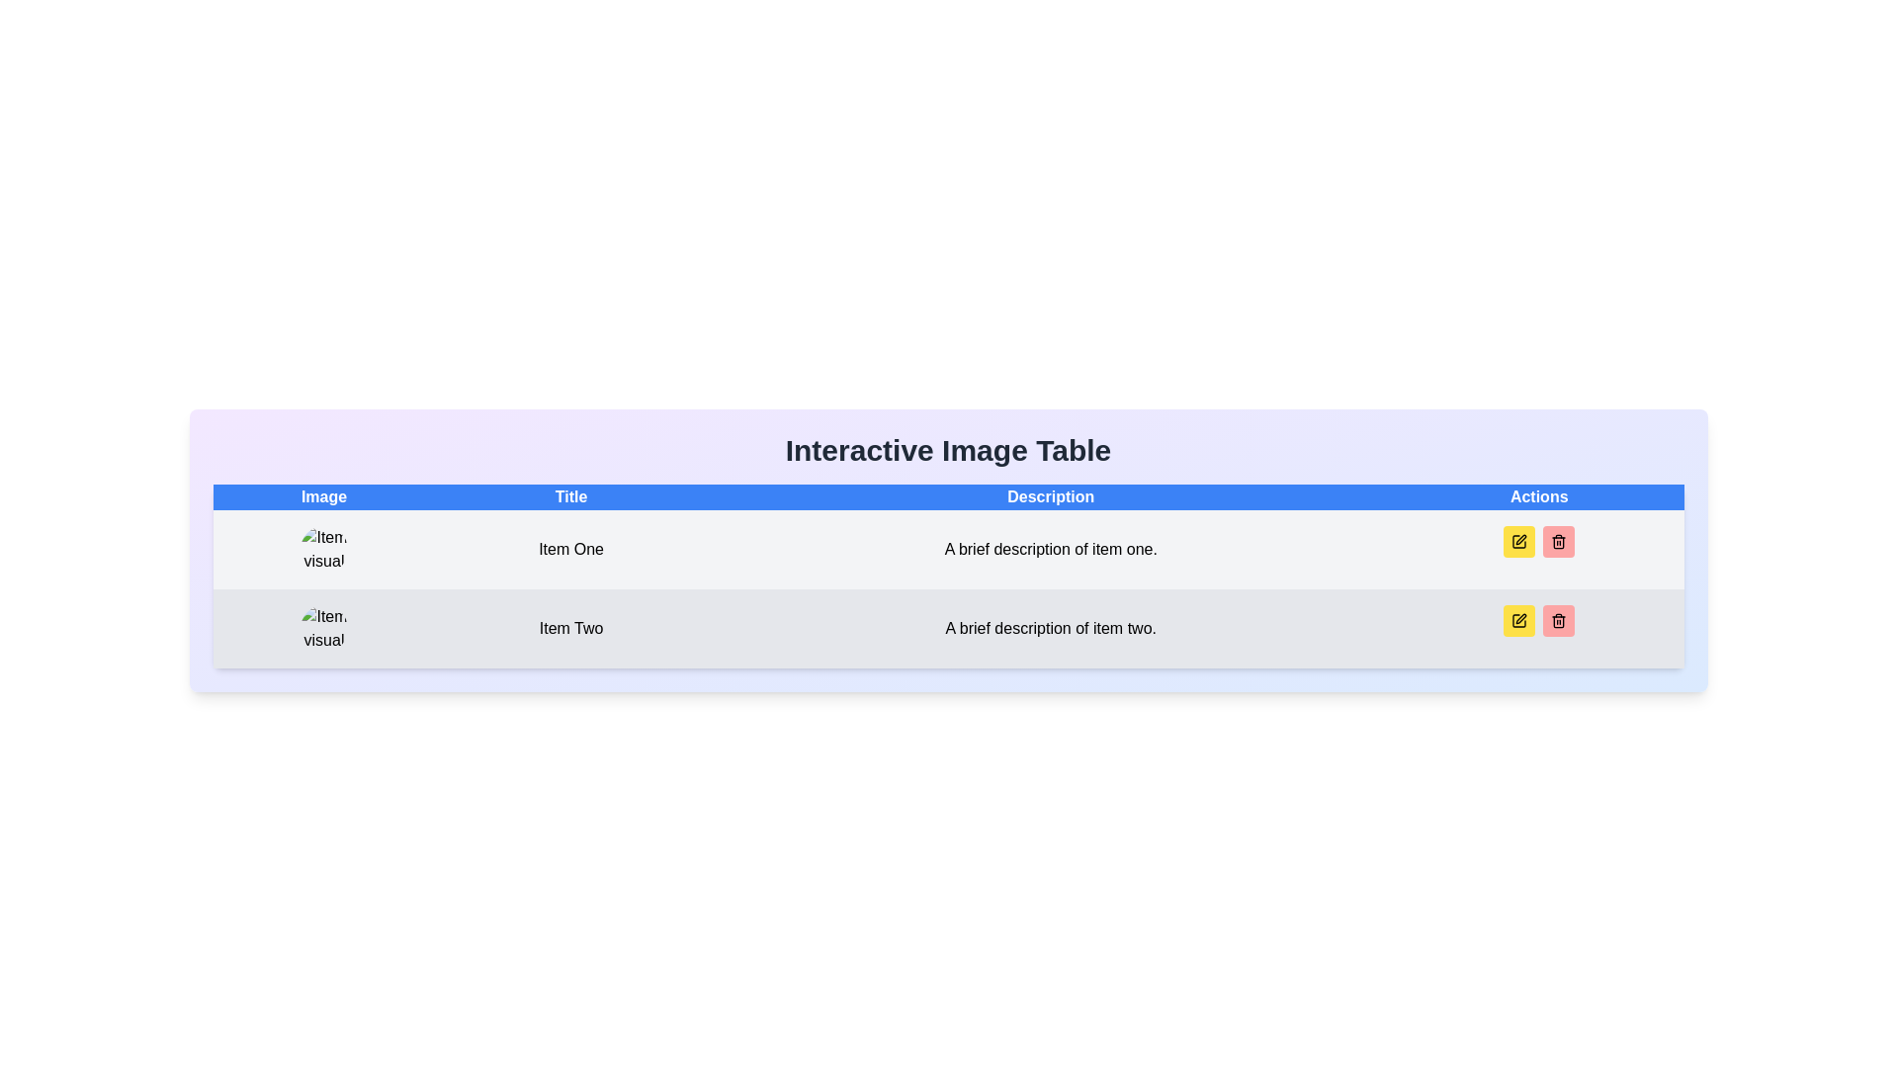  I want to click on the Edit icon (a small pen icon) in the Actions column for the second row of the table, so click(1520, 617).